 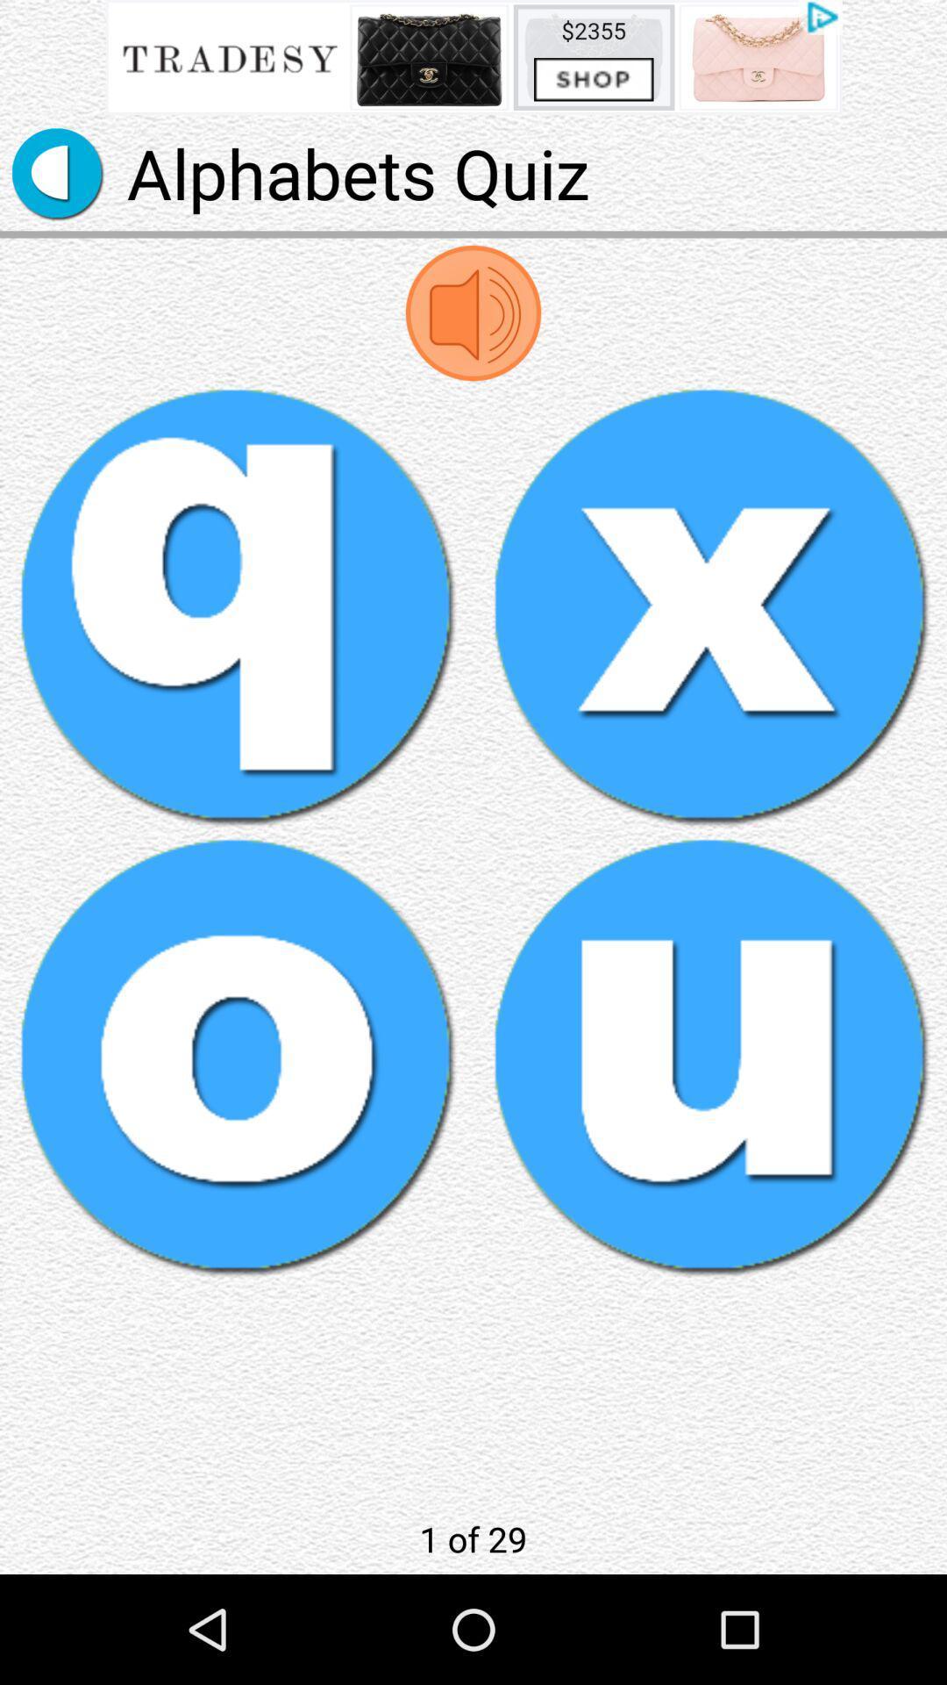 I want to click on o option, so click(x=237, y=1055).